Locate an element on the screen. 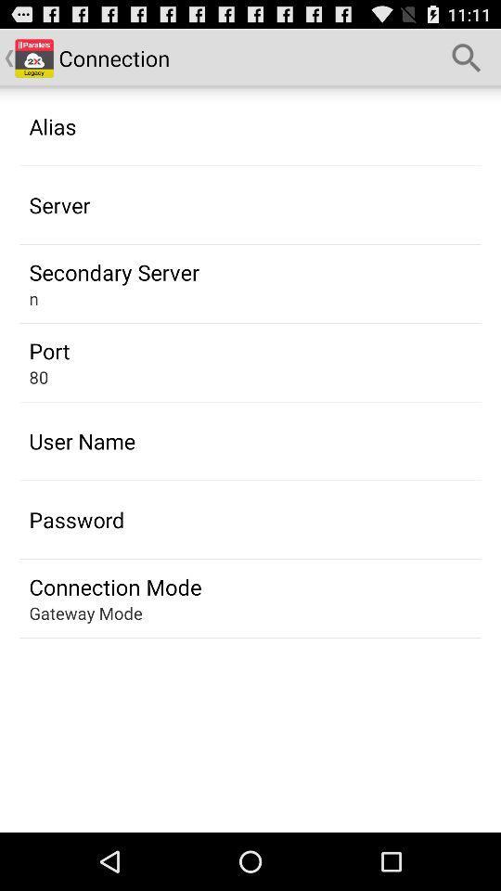 The height and width of the screenshot is (891, 501). the item below the 80 item is located at coordinates (81, 441).